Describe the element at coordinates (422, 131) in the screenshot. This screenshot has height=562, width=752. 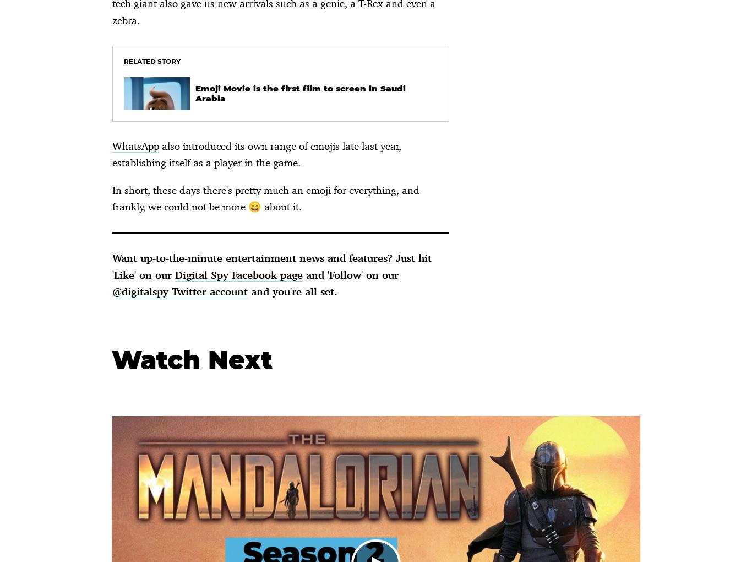
I see `'Sitemap'` at that location.